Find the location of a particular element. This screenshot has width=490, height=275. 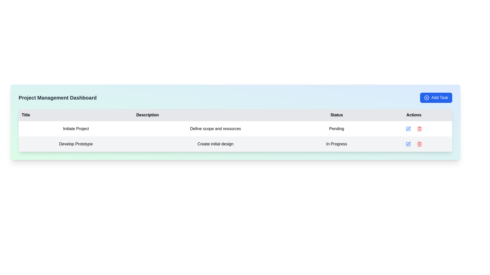

the text element that reads 'Define scope and resources' located in the second cell of the 'Description' column in the first row of the table is located at coordinates (215, 128).